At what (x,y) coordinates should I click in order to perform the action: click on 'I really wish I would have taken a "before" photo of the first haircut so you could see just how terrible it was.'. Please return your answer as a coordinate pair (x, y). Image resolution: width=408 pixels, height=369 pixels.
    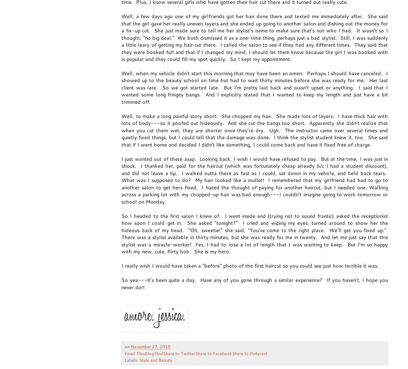
    Looking at the image, I should click on (251, 266).